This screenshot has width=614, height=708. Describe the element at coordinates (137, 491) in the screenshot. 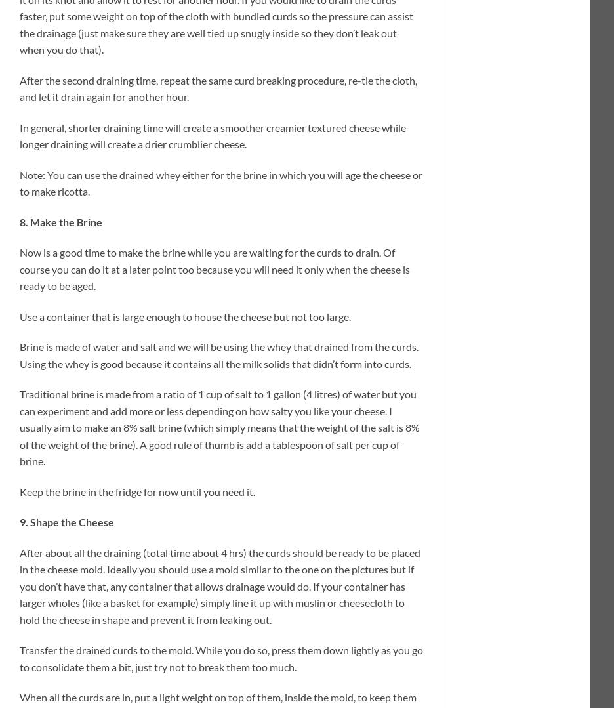

I see `'Keep the brine in the fridge for now until you need it.'` at that location.